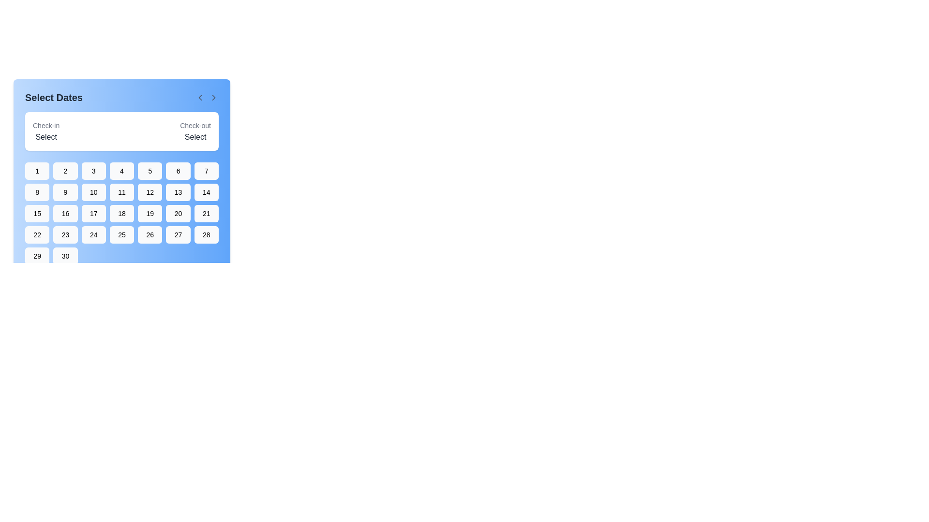 The image size is (929, 522). I want to click on the selectable date button for the 21st day in the calendar interface, positioned below the 'Select Dates' header and above navigation controls, so click(206, 213).